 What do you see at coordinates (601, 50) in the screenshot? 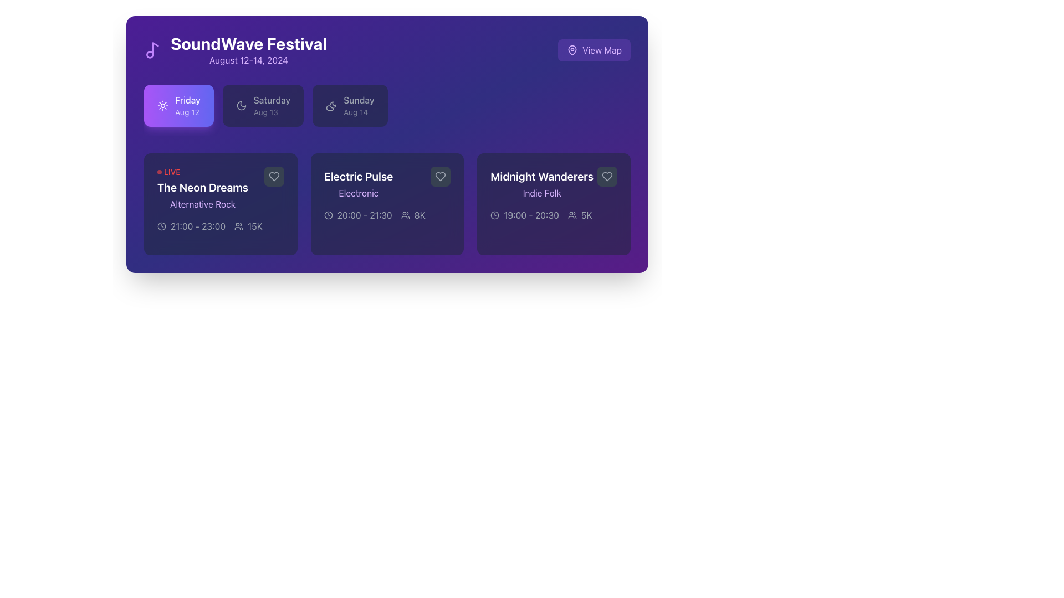
I see `the 'View Map' button text located at the top-right section of the interface` at bounding box center [601, 50].